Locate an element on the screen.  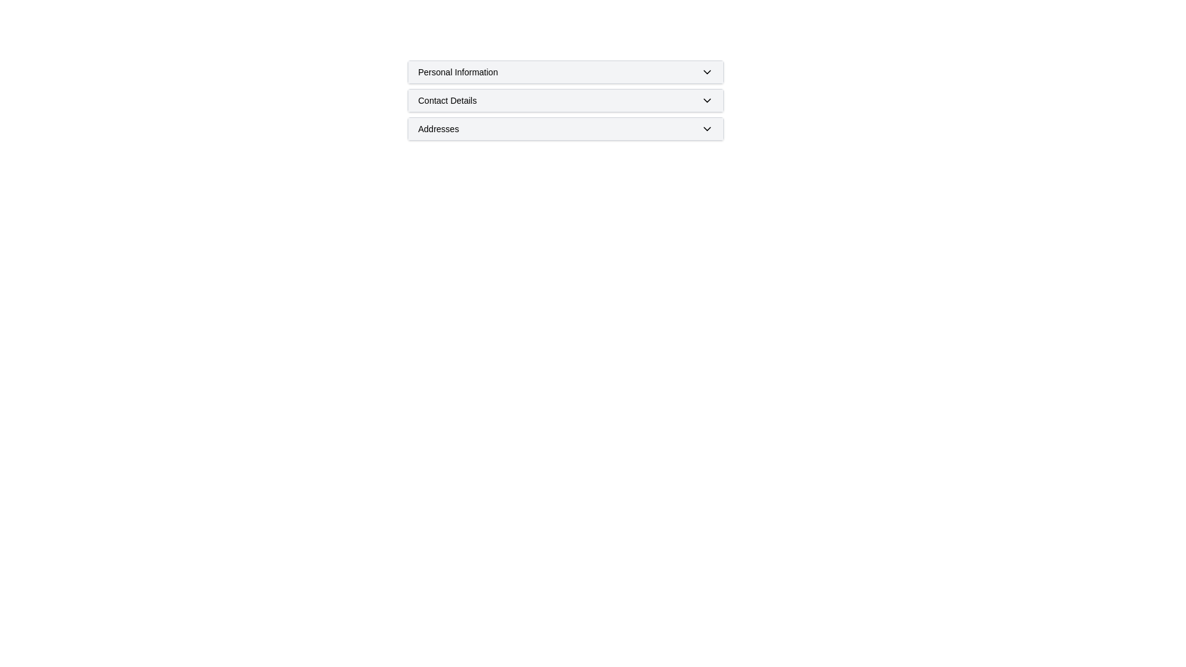
the 'Contact Details' text label of the collapsible section header, which is centrally located and visually distinct with ample white space around it is located at coordinates (447, 99).